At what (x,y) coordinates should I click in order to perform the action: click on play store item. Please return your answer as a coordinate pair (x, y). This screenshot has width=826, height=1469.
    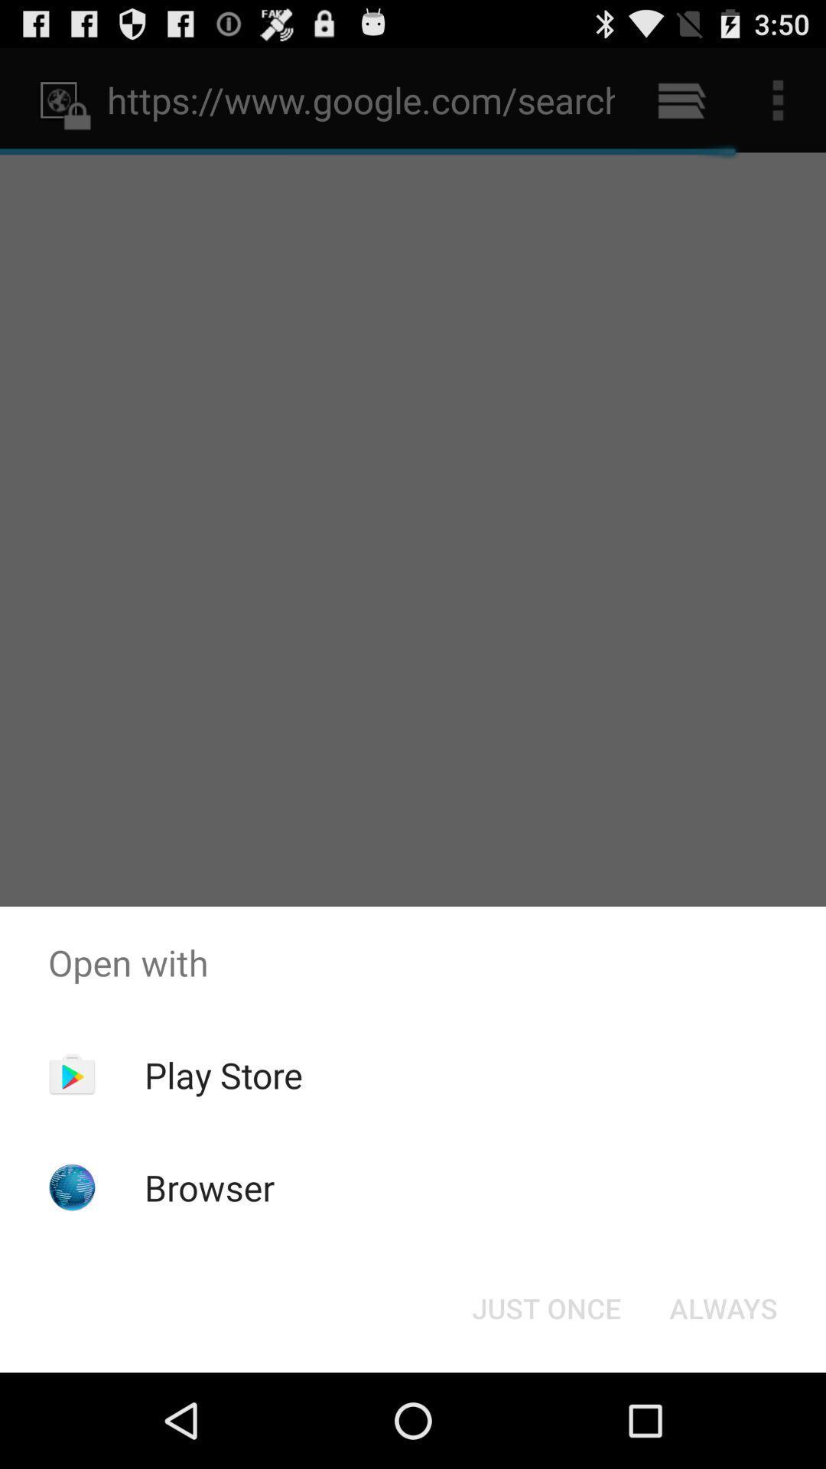
    Looking at the image, I should click on (223, 1074).